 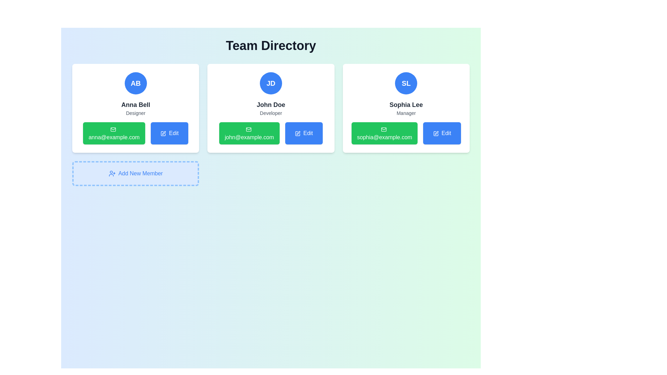 I want to click on rectangular graphical icon representing an email address, located under 'sophia@example.com' in the 'Team Directory', so click(x=384, y=129).